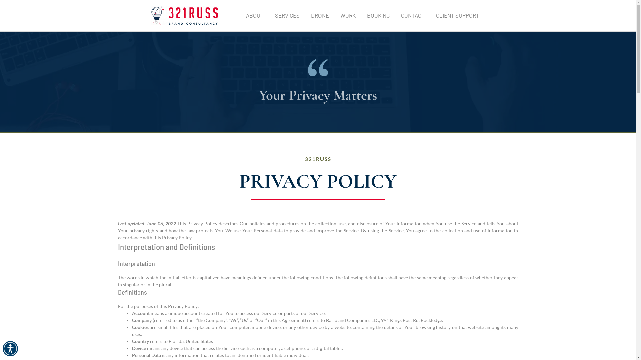 The height and width of the screenshot is (360, 641). What do you see at coordinates (457, 15) in the screenshot?
I see `'CLIENT SUPPORT'` at bounding box center [457, 15].